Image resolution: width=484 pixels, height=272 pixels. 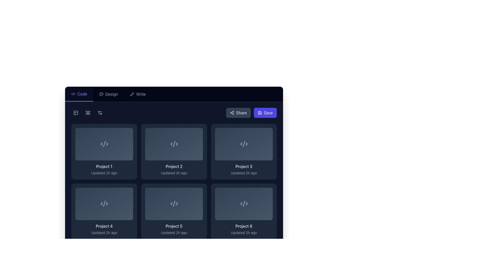 I want to click on the button with an icon in the top-right corner of the 'Project 3' card, so click(x=271, y=129).